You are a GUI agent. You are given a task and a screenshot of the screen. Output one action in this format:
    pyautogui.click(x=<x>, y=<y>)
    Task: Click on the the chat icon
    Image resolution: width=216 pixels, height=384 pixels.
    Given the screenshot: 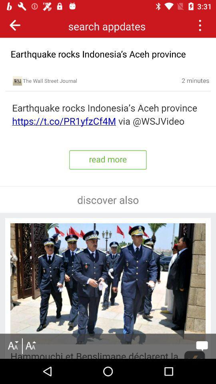 What is the action you would take?
    pyautogui.click(x=202, y=346)
    